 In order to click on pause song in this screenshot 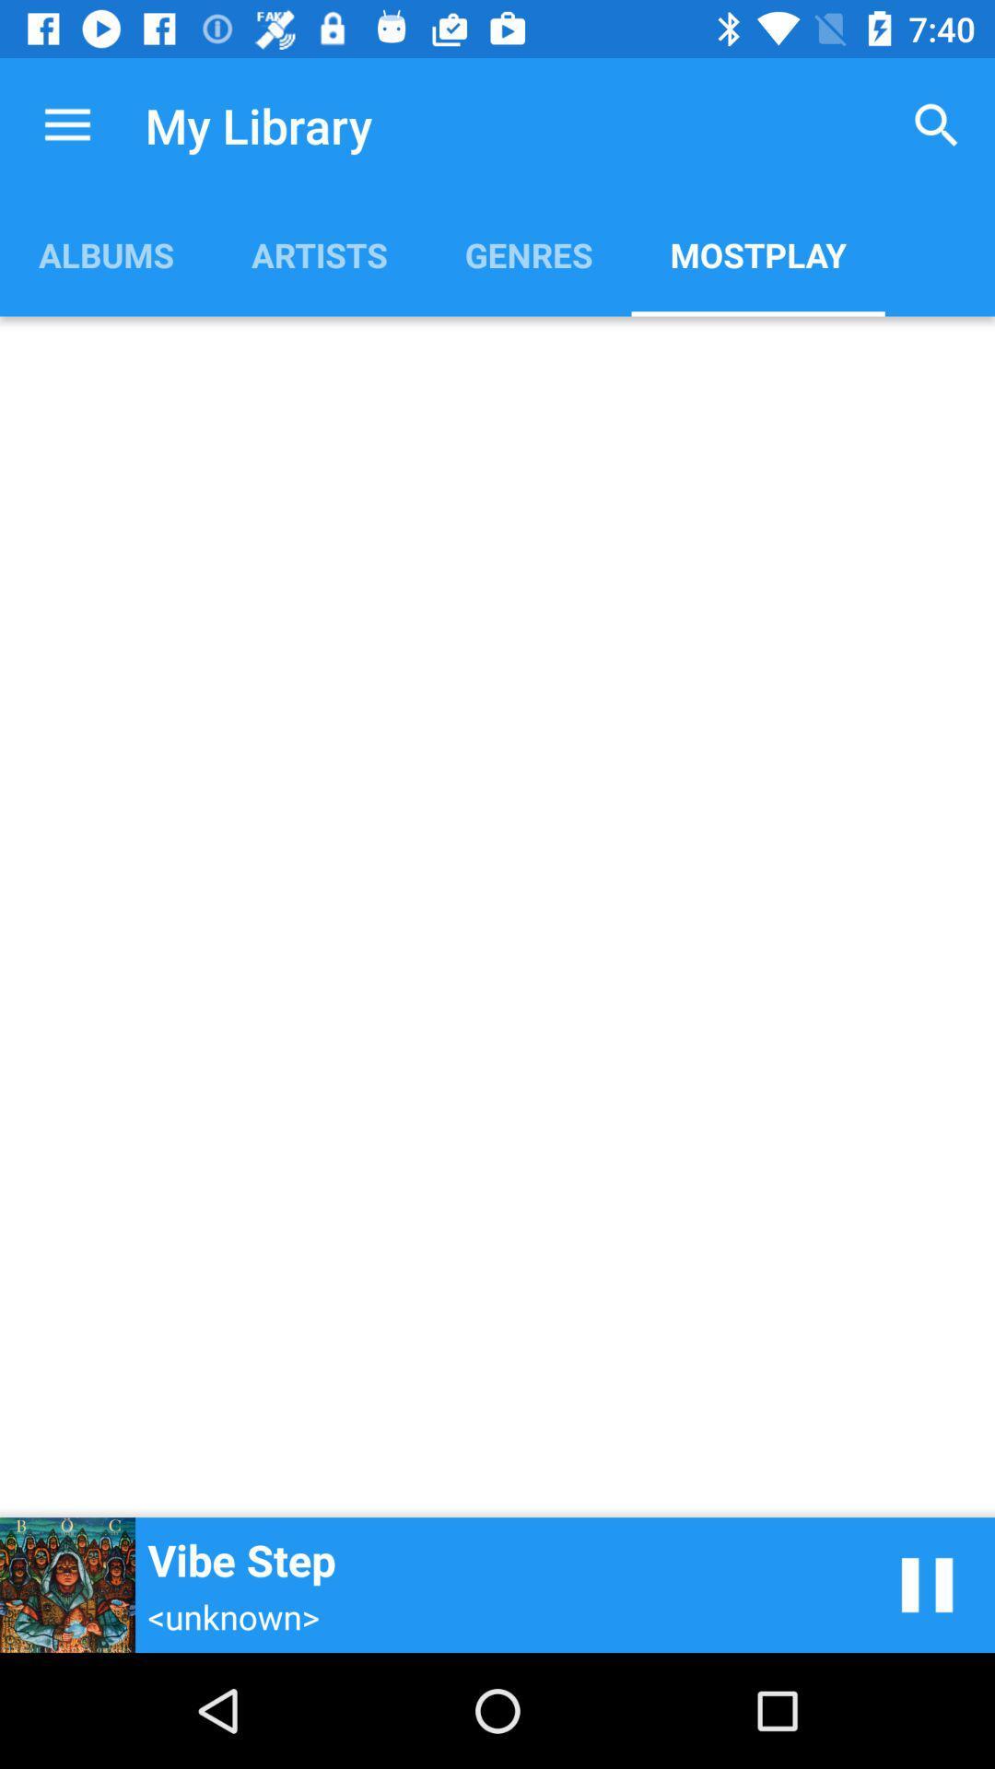, I will do `click(927, 1584)`.